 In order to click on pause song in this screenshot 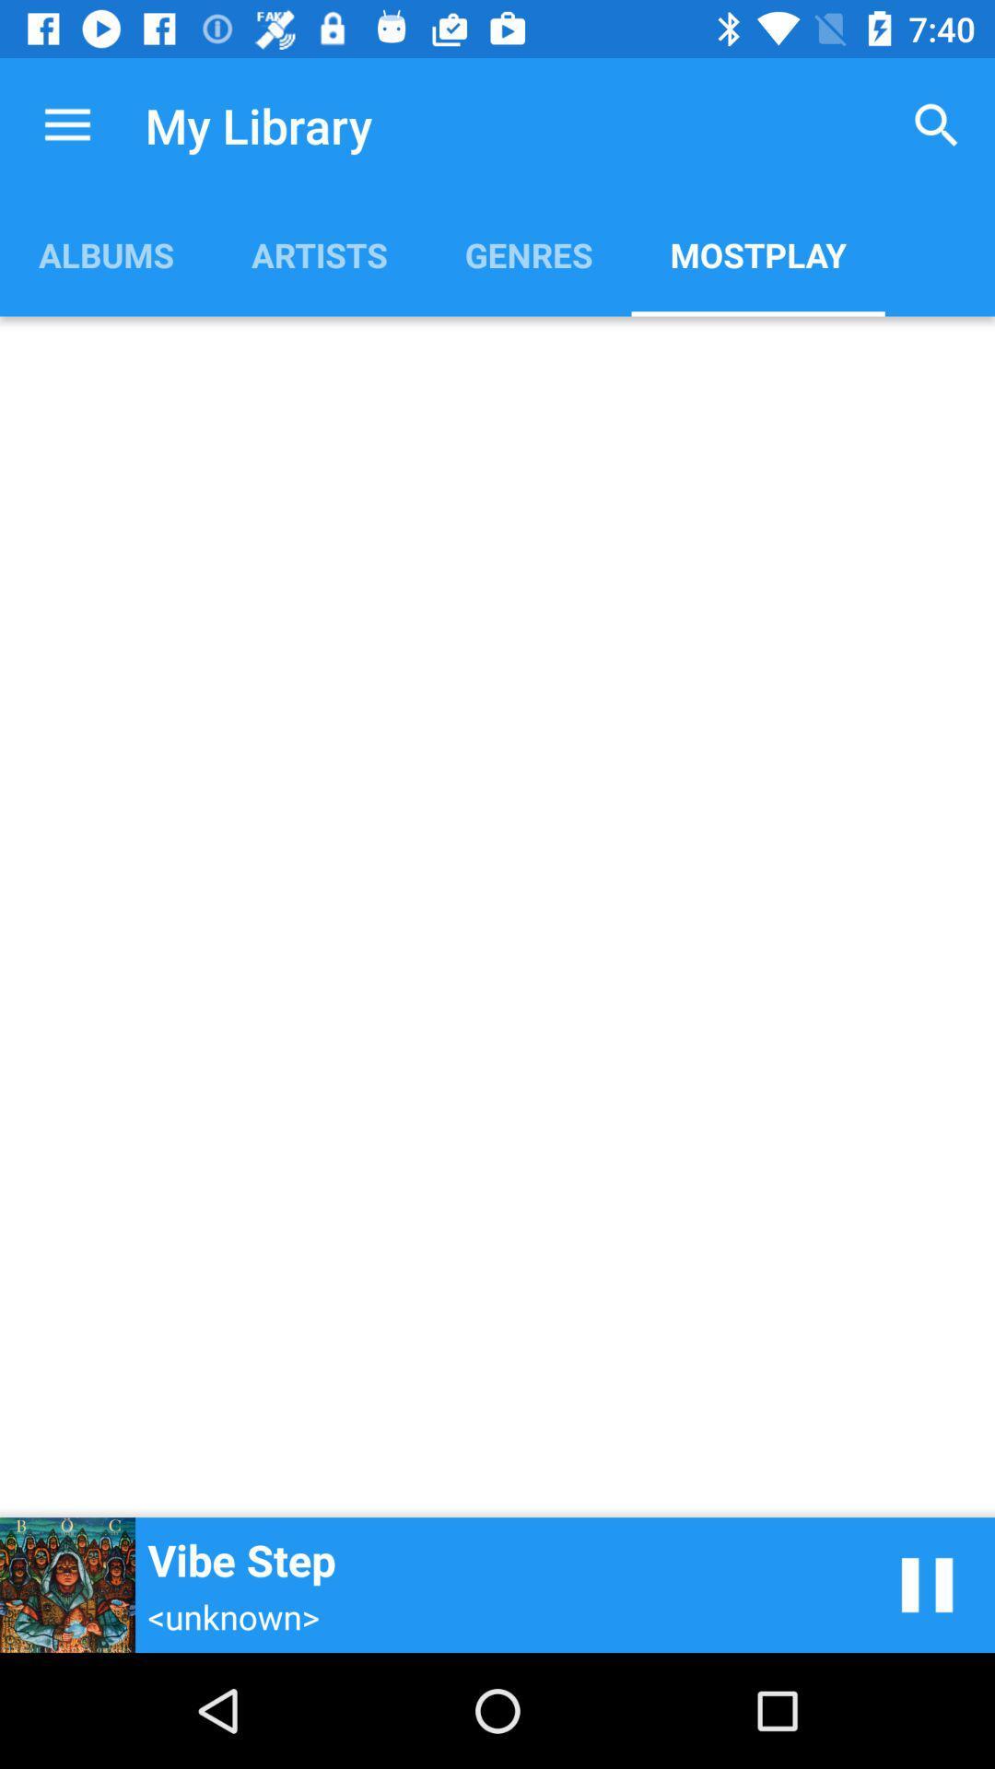, I will do `click(927, 1584)`.